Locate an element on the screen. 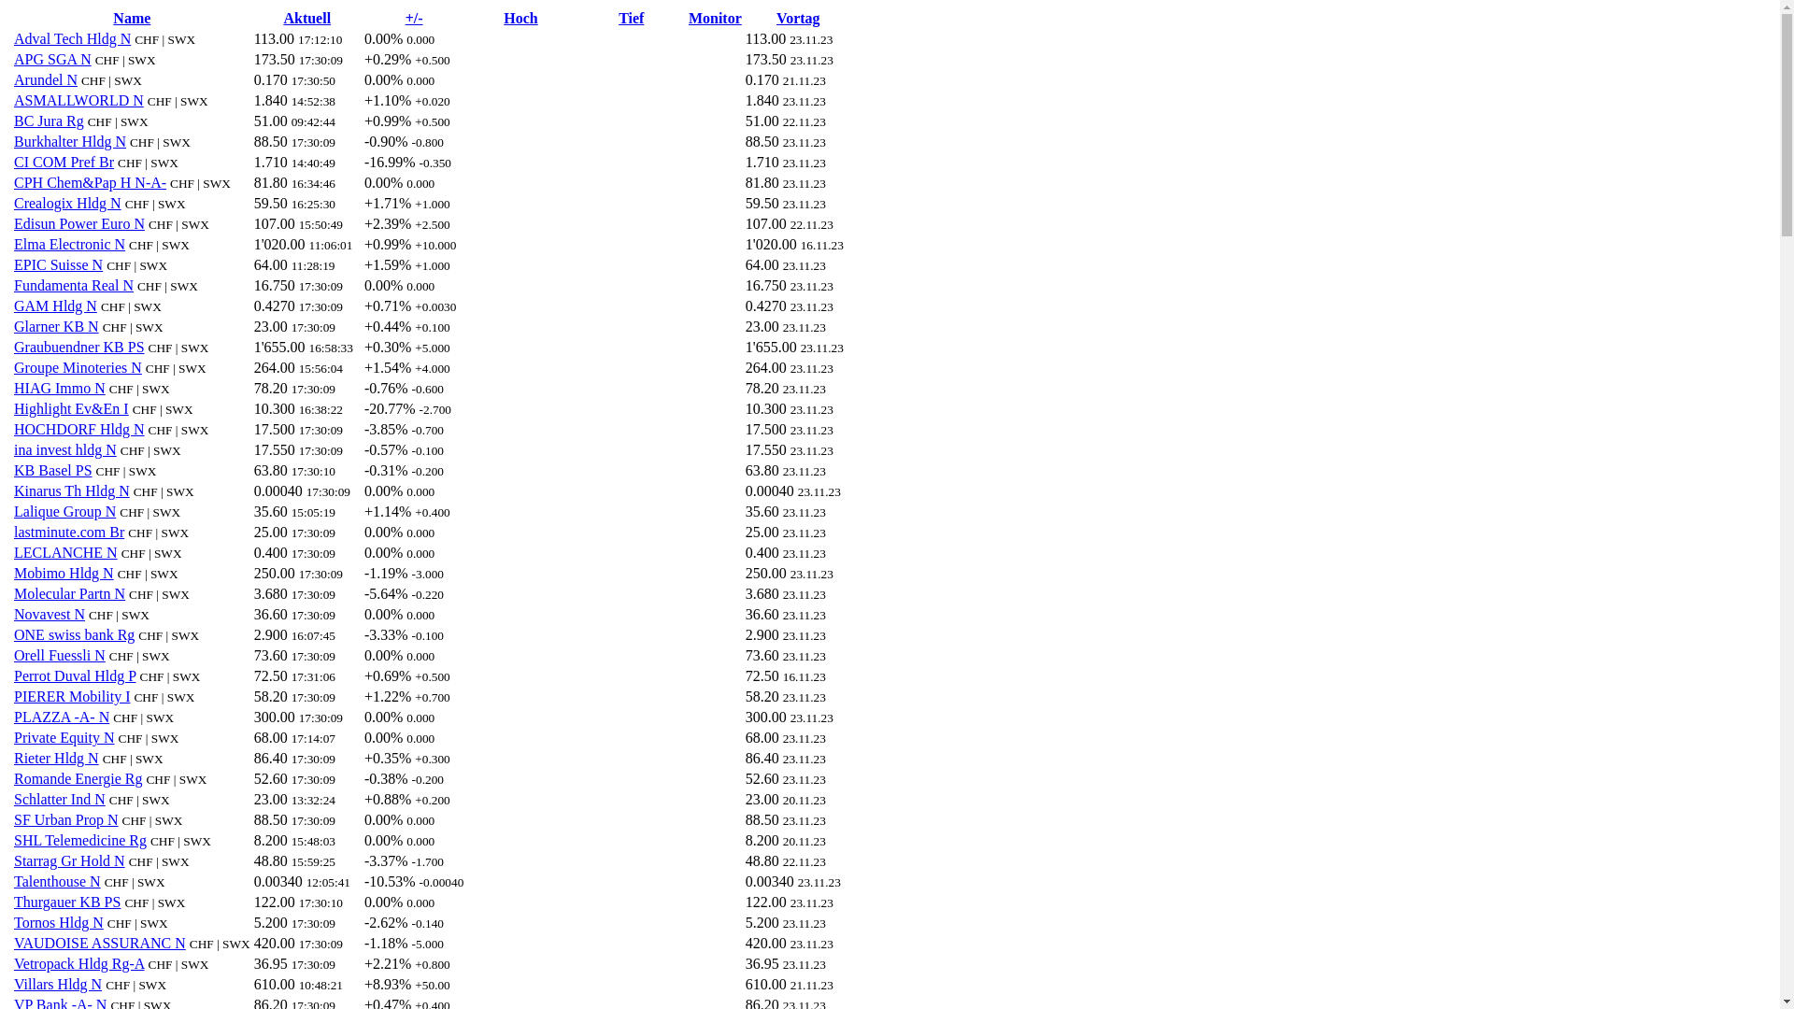  'CPH Chem&Pap H N-A-' is located at coordinates (89, 182).